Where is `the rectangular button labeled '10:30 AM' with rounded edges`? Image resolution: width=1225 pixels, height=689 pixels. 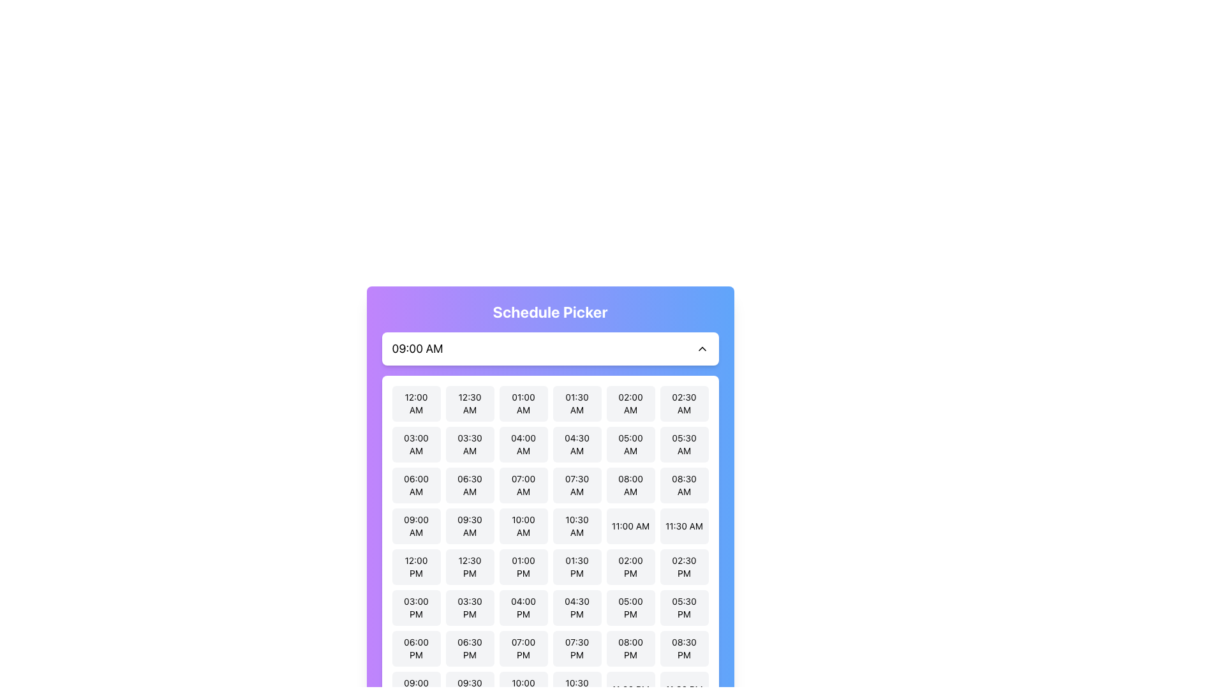
the rectangular button labeled '10:30 AM' with rounded edges is located at coordinates (576, 526).